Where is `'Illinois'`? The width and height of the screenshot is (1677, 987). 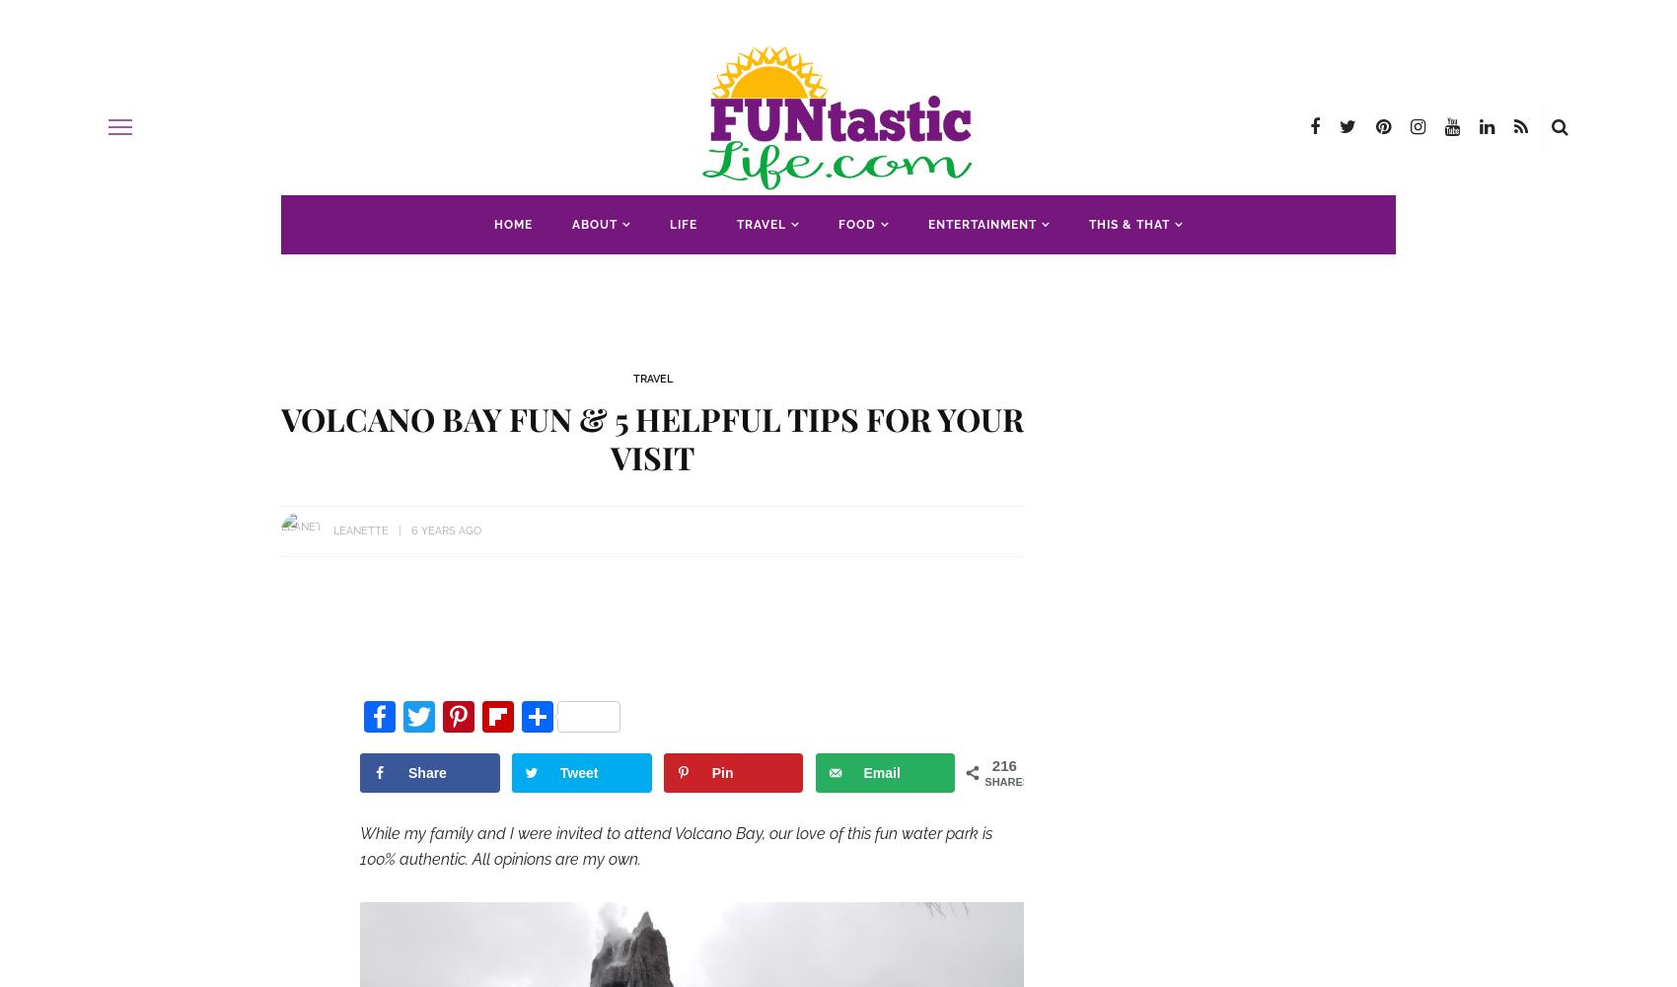 'Illinois' is located at coordinates (974, 535).